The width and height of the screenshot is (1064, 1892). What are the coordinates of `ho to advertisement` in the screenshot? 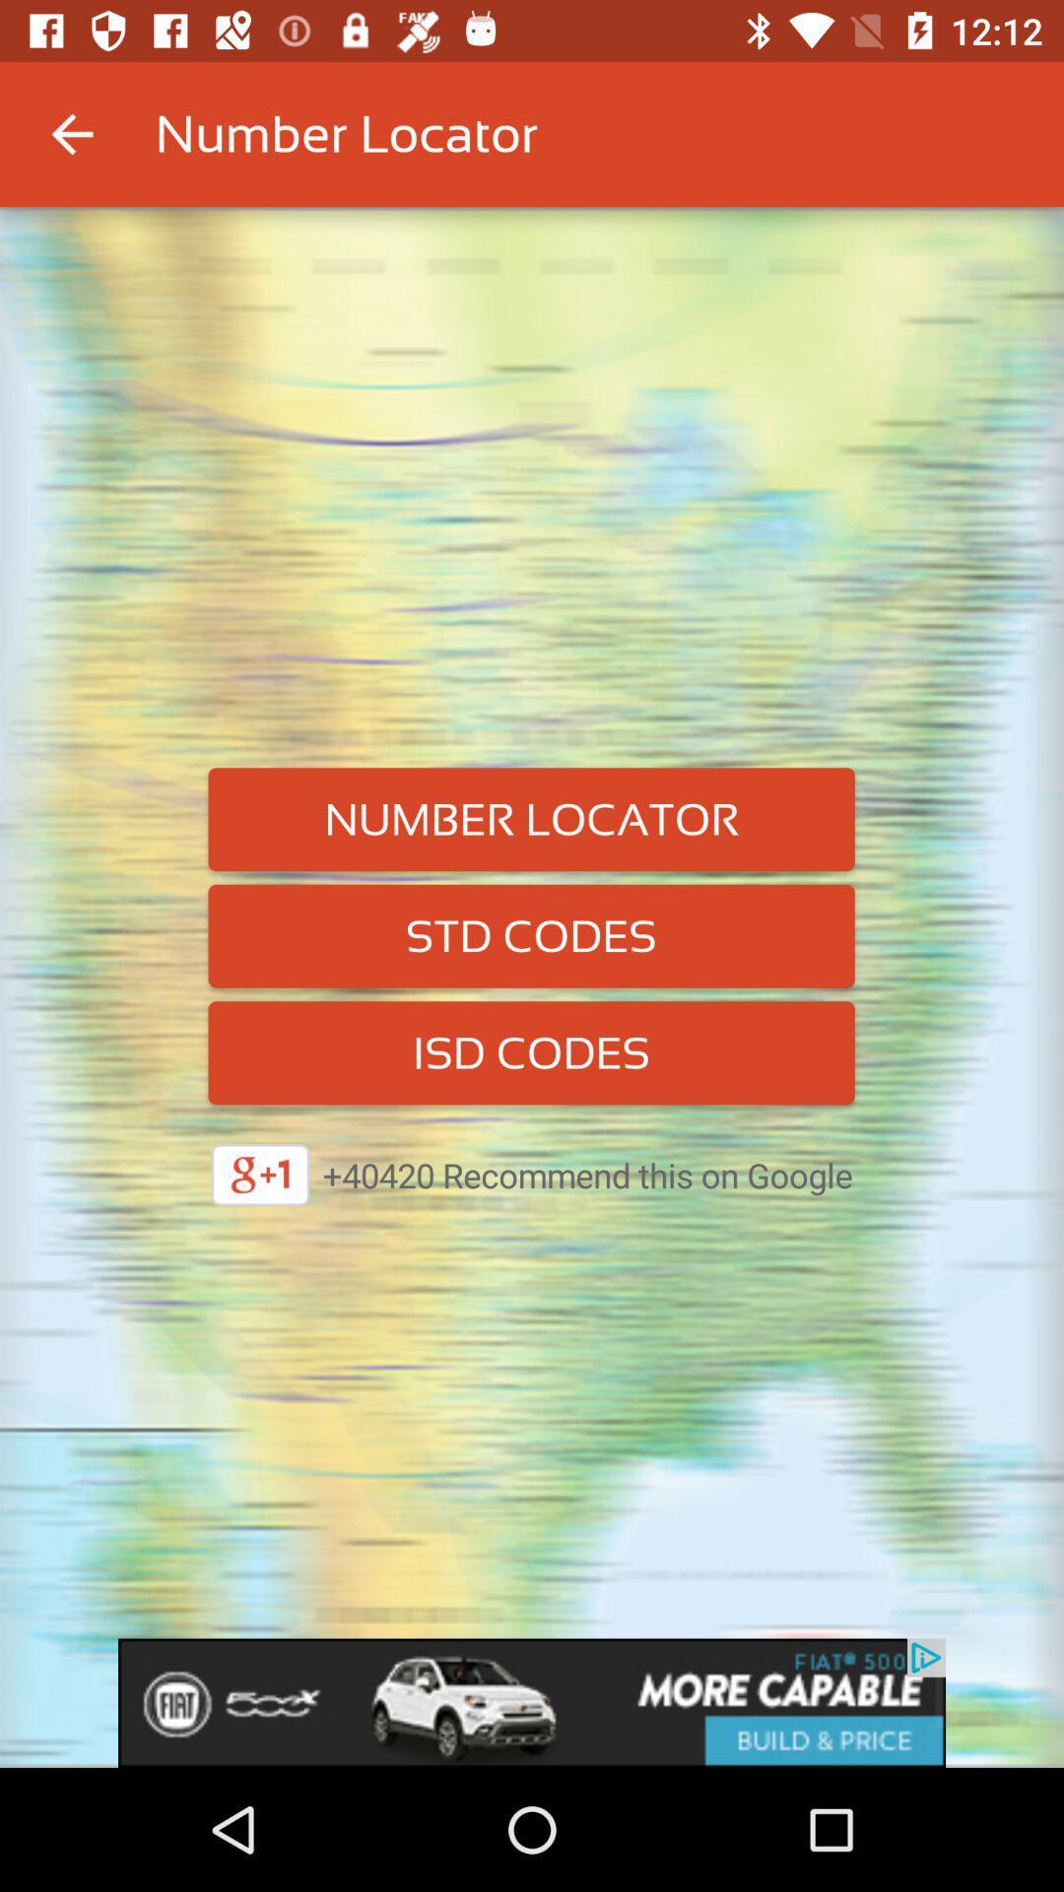 It's located at (532, 1702).